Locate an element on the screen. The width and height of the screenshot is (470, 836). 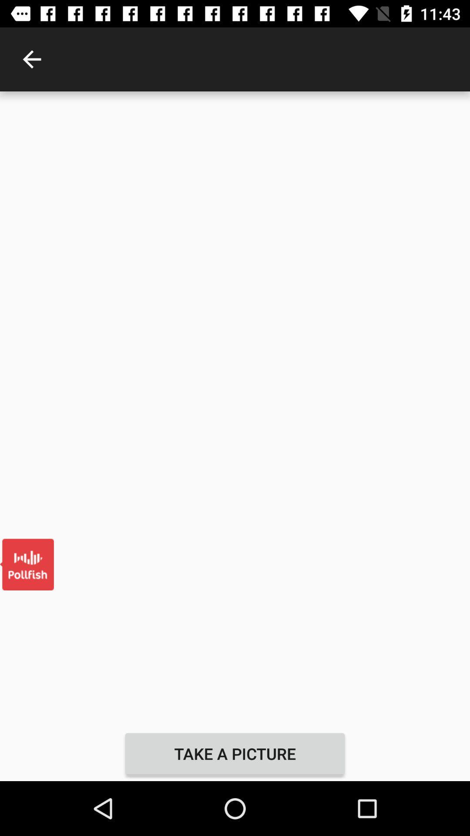
the take a picture icon is located at coordinates (235, 753).